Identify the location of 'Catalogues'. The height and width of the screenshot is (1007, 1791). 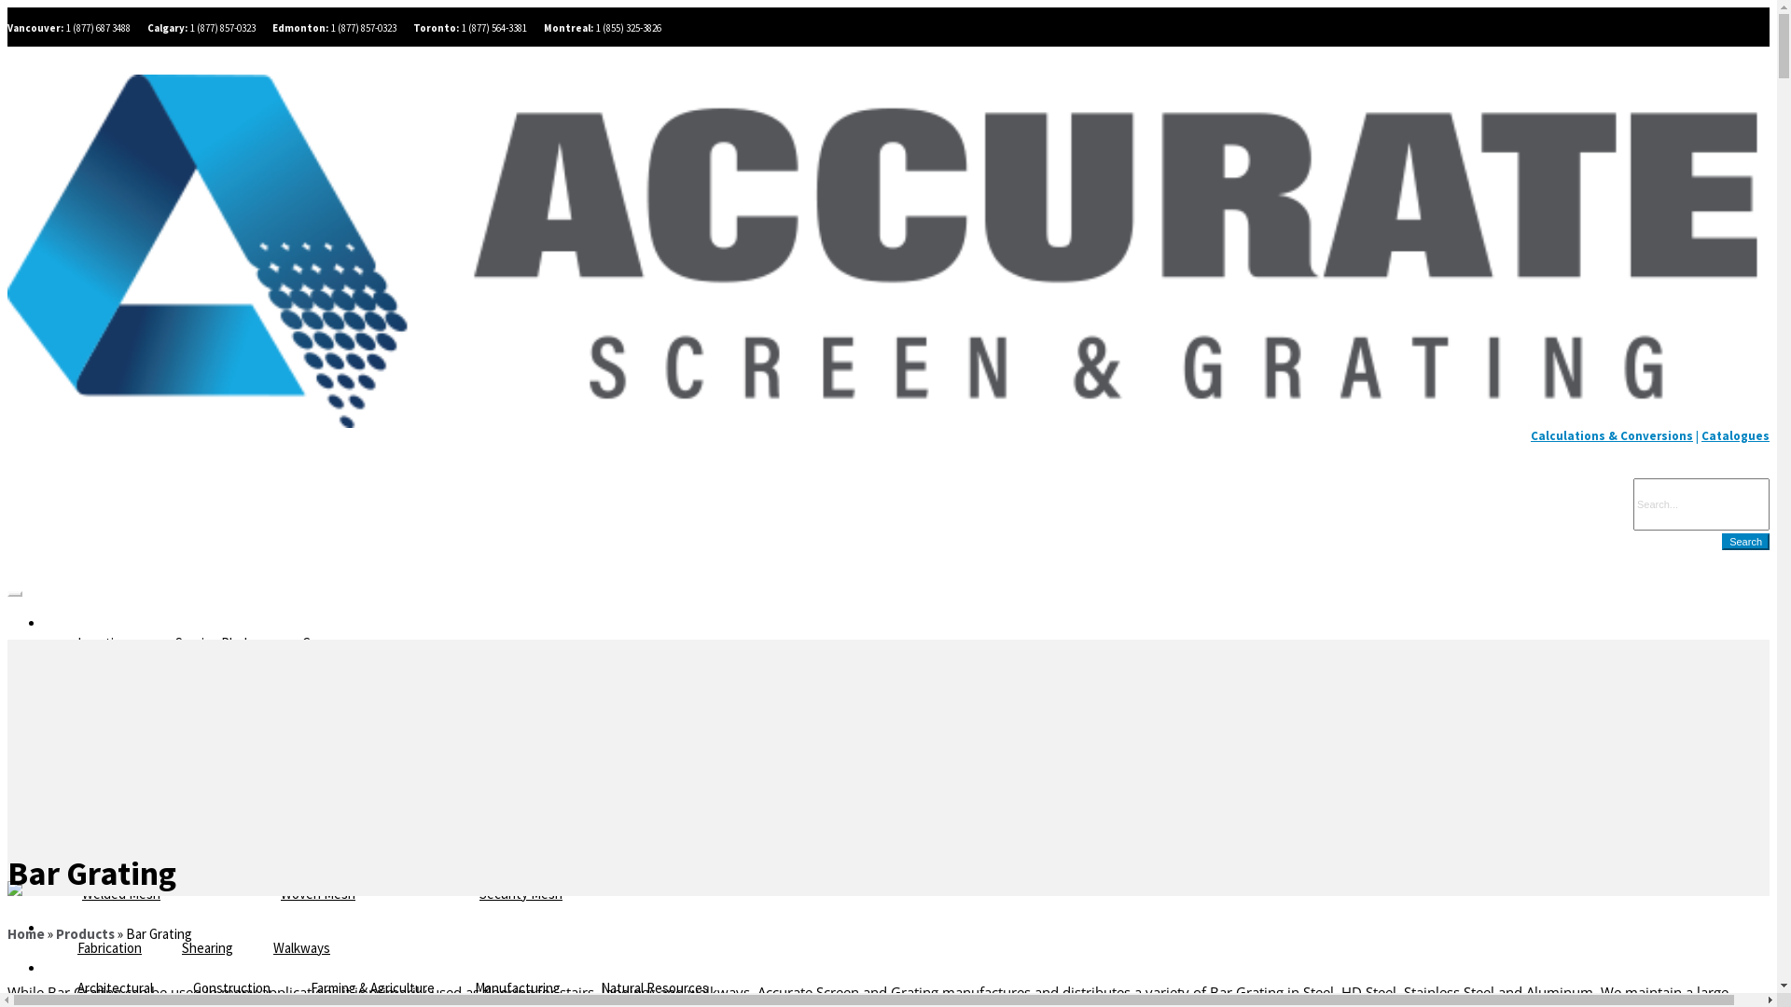
(1734, 435).